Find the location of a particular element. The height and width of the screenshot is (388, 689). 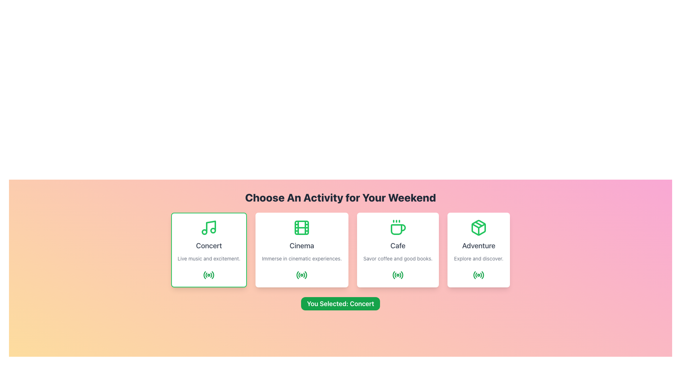

the static text element that serves as a descriptive tagline for the adventure-related card, located in the fourth column of the grid layout, below the 'Adventure' text and above a green icon is located at coordinates (479, 259).